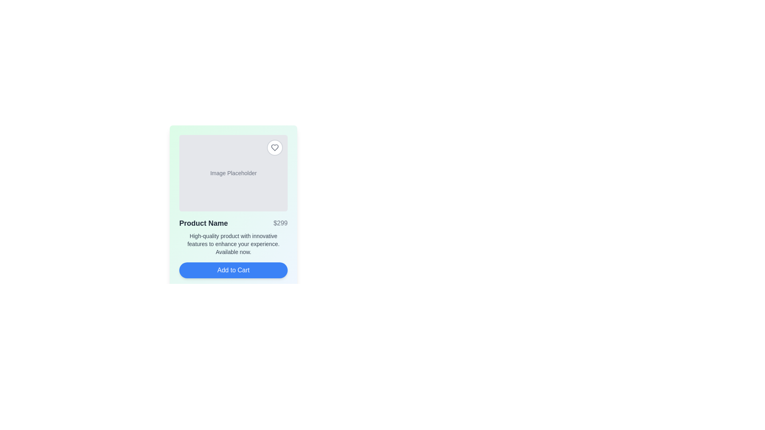 The width and height of the screenshot is (765, 430). I want to click on the pill-shaped button labeled 'Add to Cart', so click(233, 270).